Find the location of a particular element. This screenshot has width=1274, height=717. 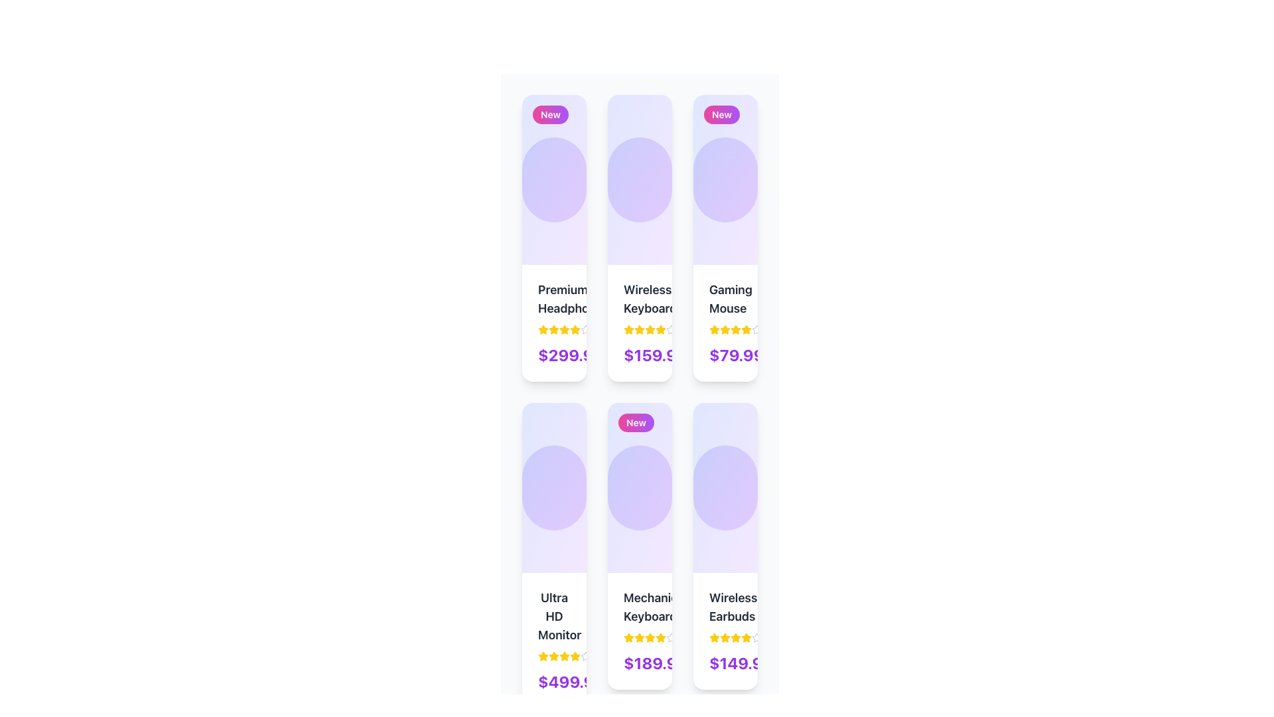

the star icon representing the second element in the rating system for the product 'Wireless Keyboard', located below the title and above the price is located at coordinates (661, 329).